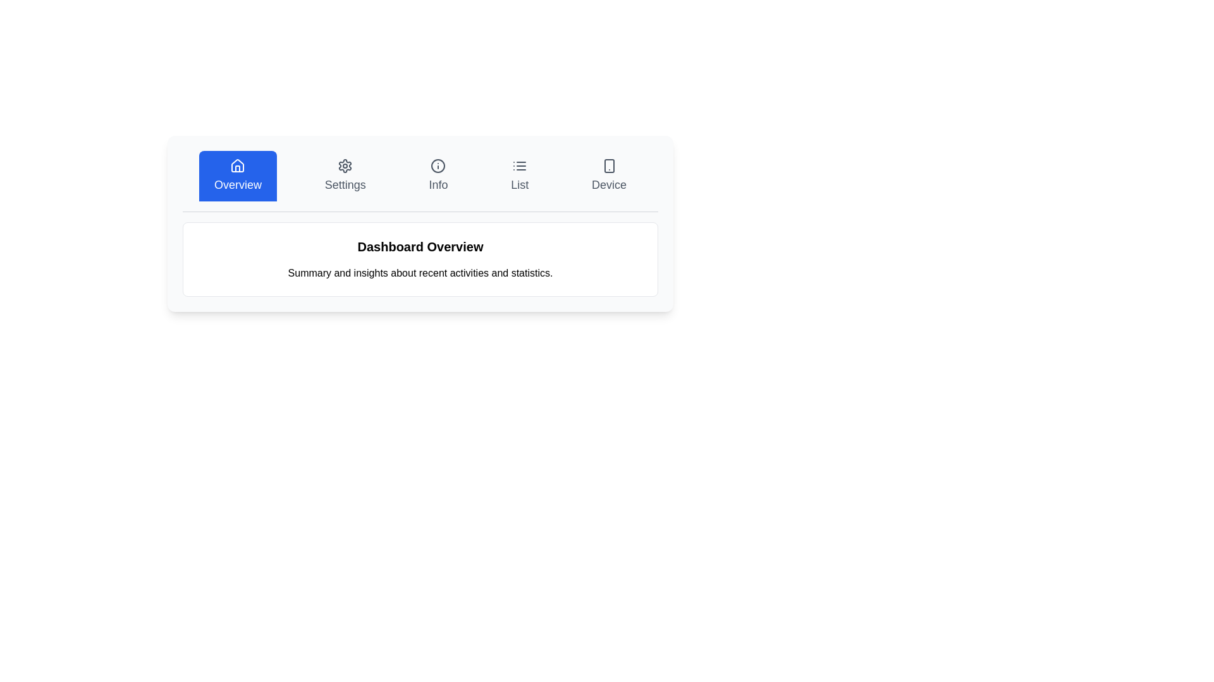 Image resolution: width=1214 pixels, height=682 pixels. Describe the element at coordinates (438, 165) in the screenshot. I see `the SVG Circle Element representing the Info tab, which is centrally positioned within the Info section of the navigation bar` at that location.